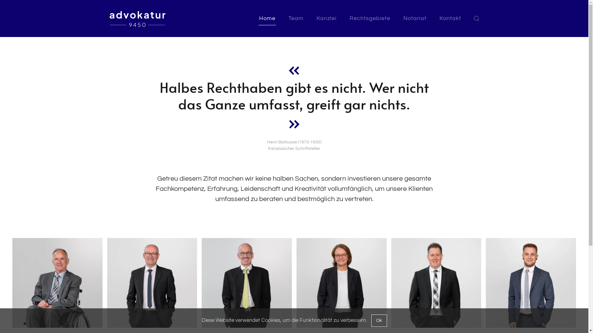  Describe the element at coordinates (296, 18) in the screenshot. I see `'Team'` at that location.